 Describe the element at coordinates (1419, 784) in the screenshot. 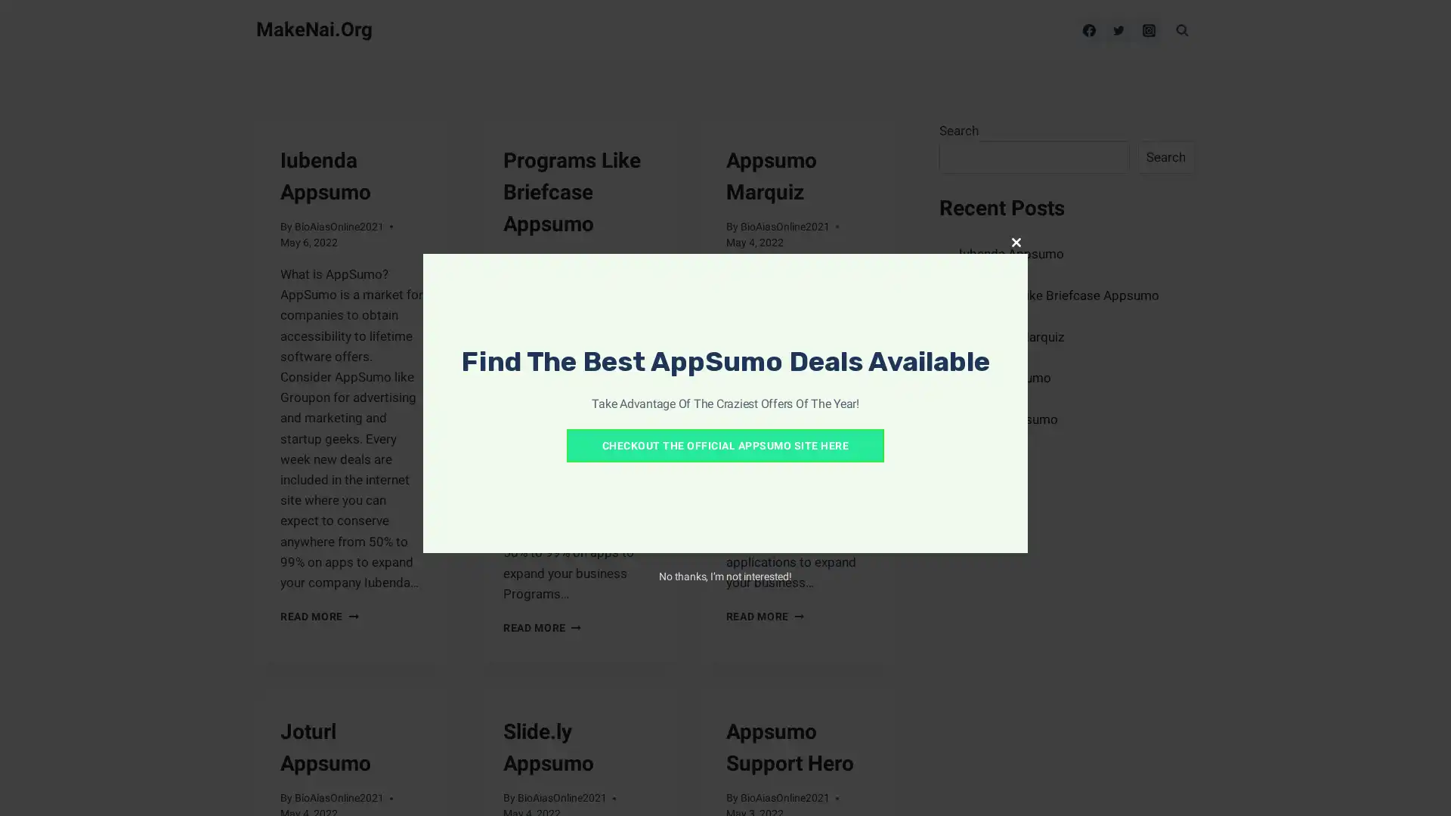

I see `Scroll to top` at that location.